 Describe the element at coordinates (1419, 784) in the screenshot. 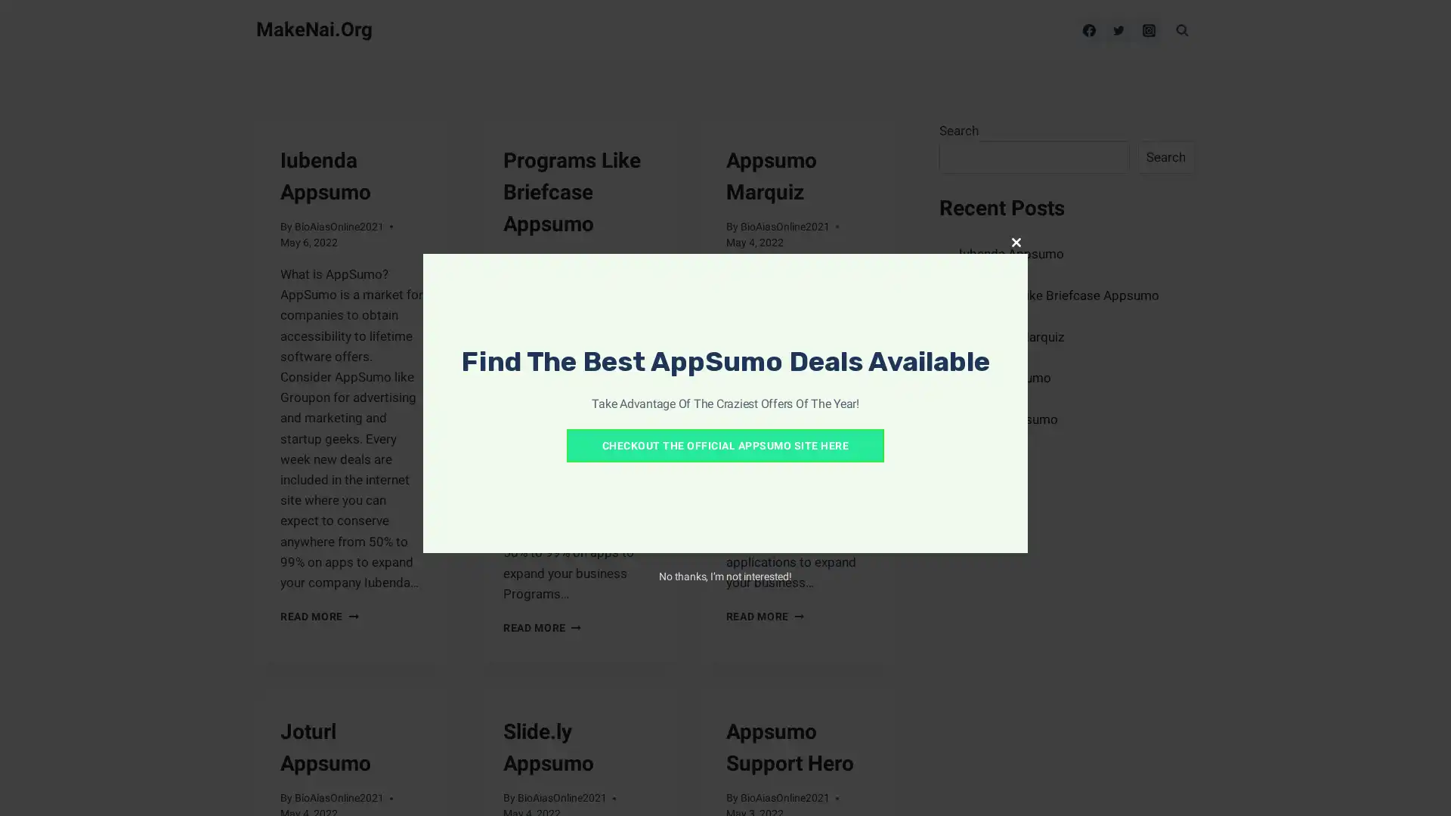

I see `Scroll to top` at that location.